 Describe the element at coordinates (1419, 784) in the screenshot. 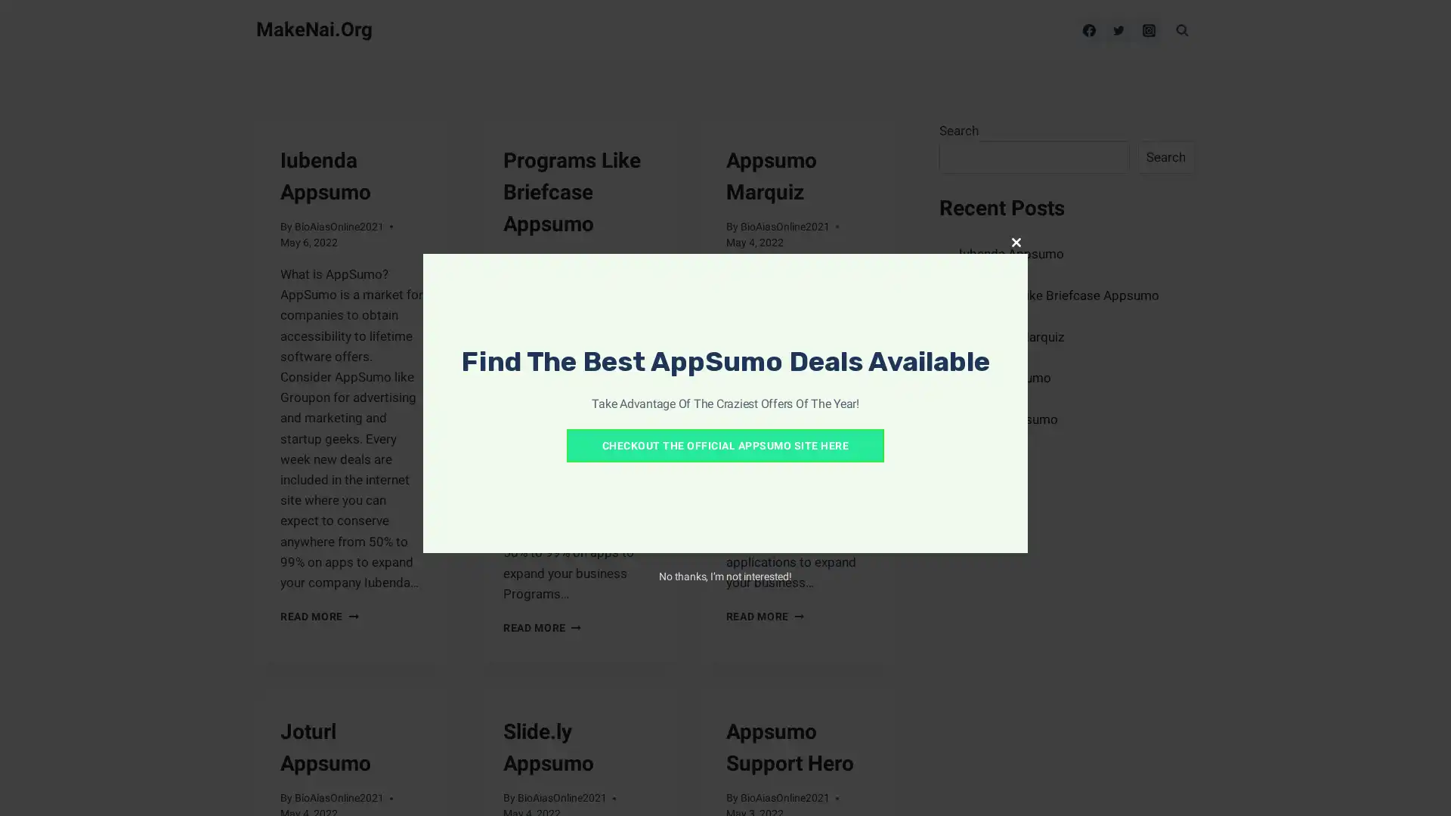

I see `Scroll to top` at that location.